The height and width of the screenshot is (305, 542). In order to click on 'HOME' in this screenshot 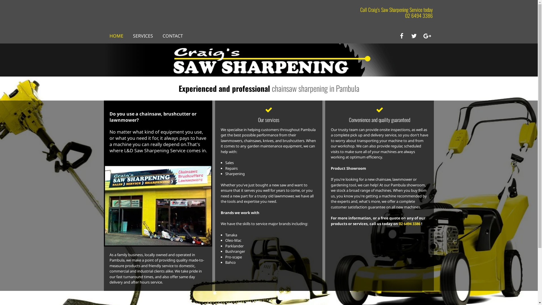, I will do `click(110, 36)`.